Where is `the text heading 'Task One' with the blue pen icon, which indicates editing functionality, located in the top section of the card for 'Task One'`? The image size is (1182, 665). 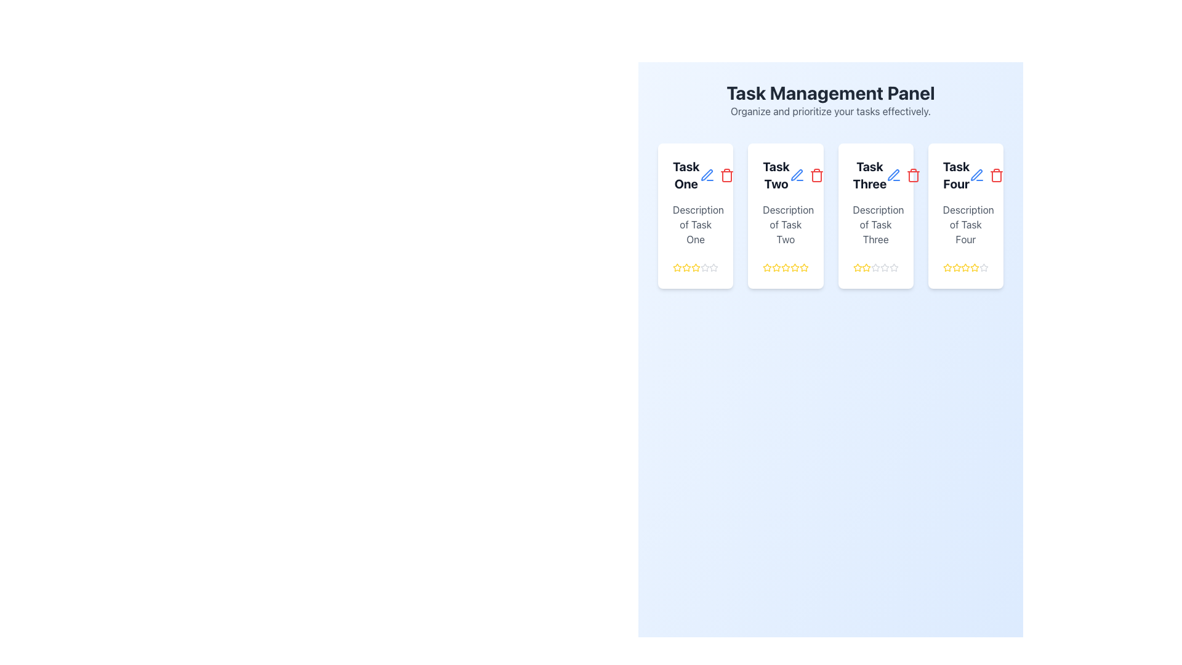 the text heading 'Task One' with the blue pen icon, which indicates editing functionality, located in the top section of the card for 'Task One' is located at coordinates (696, 175).